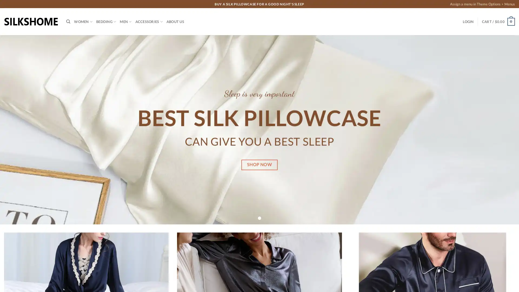 This screenshot has height=292, width=519. Describe the element at coordinates (17, 130) in the screenshot. I see `Previous` at that location.